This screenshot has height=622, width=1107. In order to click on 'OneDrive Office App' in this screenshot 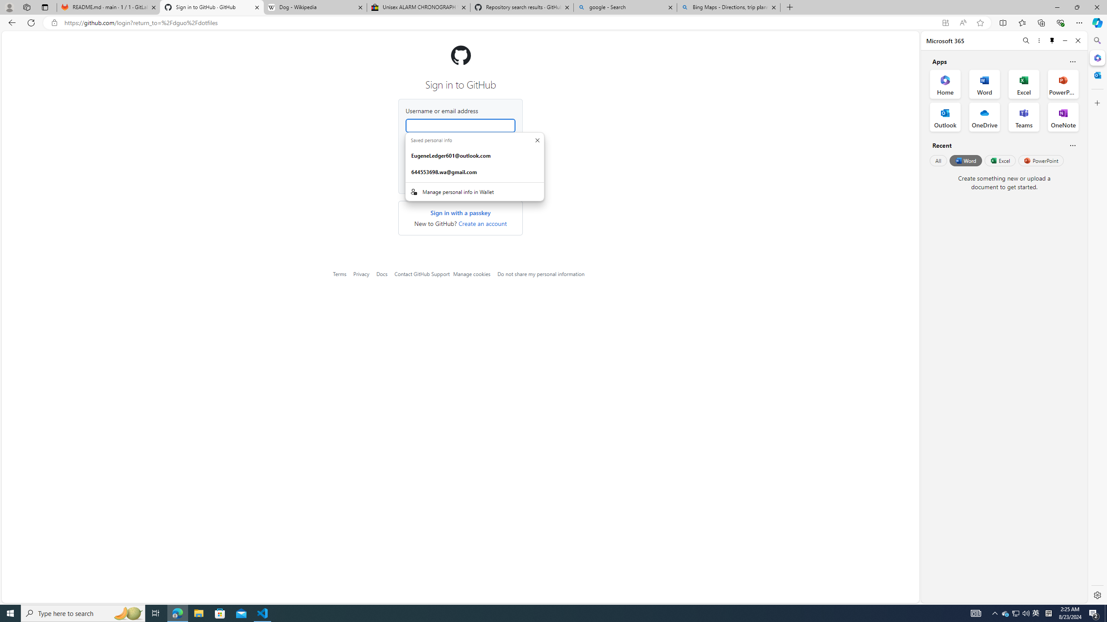, I will do `click(984, 117)`.